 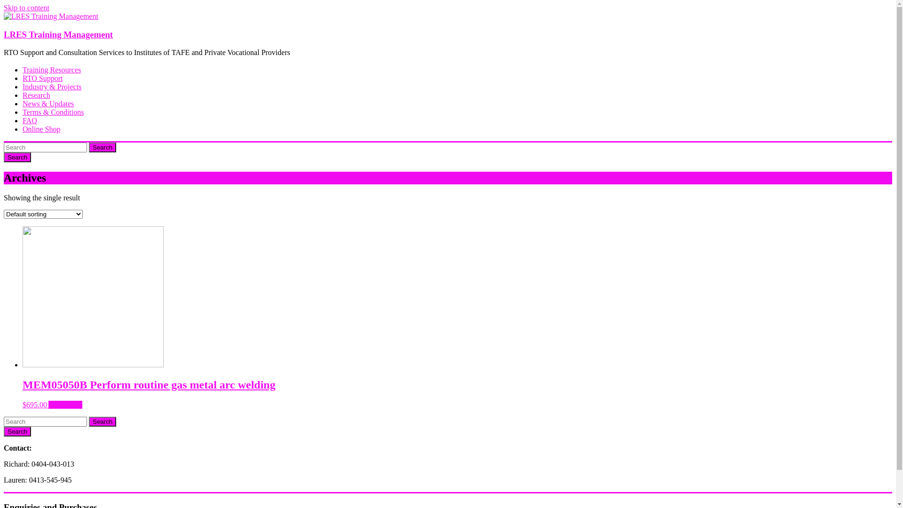 What do you see at coordinates (102, 421) in the screenshot?
I see `'Search'` at bounding box center [102, 421].